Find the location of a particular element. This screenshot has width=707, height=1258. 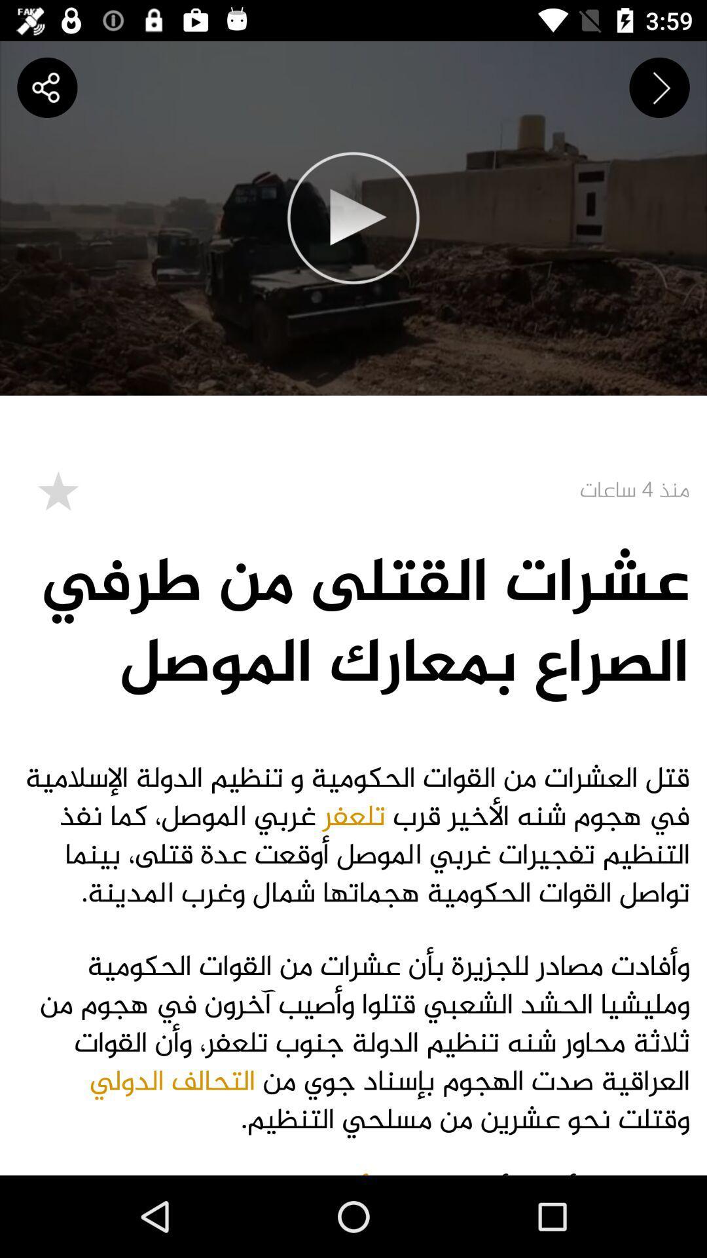

play button is located at coordinates (353, 218).